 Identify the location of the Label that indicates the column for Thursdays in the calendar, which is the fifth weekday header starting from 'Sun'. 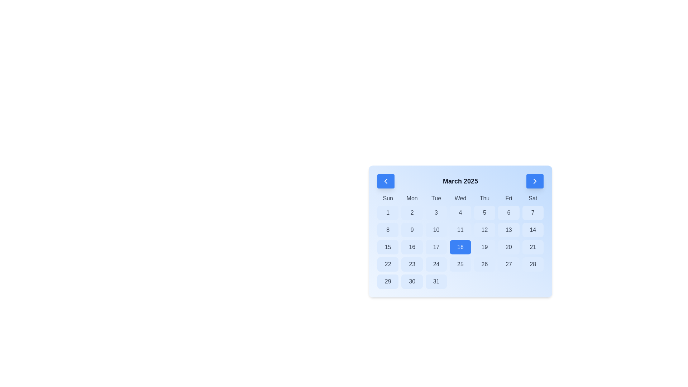
(484, 199).